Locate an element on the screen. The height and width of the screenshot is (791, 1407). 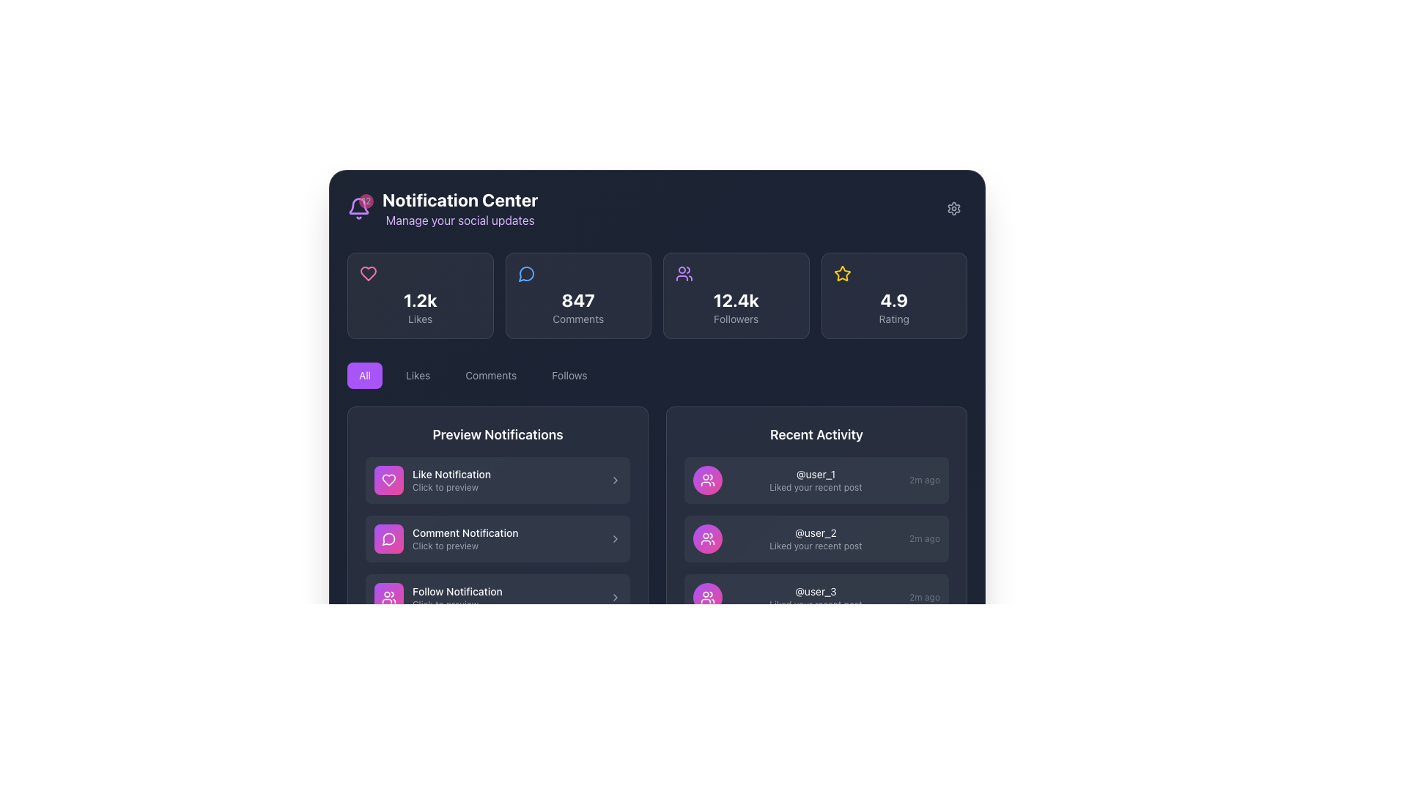
the Text label that displays the relative time elapsed since a specific action occurred, located at the far right of the first notification entry in the 'Recent Activity' section is located at coordinates (924, 480).